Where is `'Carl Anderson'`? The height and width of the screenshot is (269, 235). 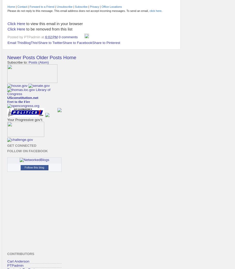 'Carl Anderson' is located at coordinates (18, 261).